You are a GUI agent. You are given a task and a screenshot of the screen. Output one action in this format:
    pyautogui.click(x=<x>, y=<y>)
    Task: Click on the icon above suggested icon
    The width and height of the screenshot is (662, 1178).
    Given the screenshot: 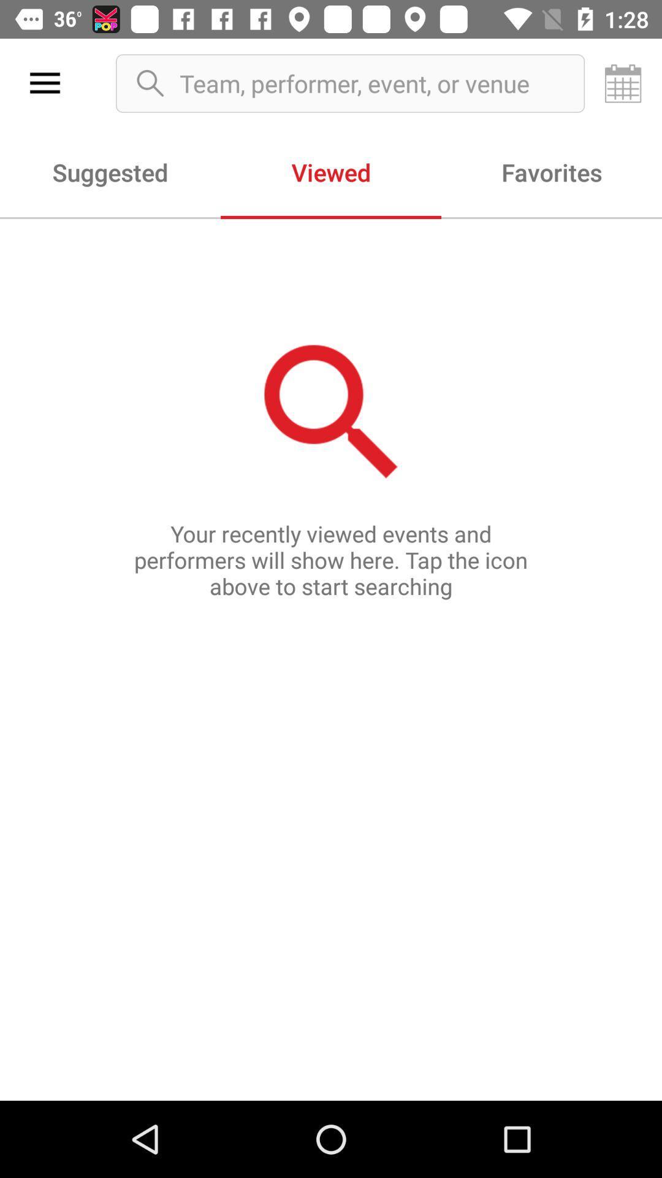 What is the action you would take?
    pyautogui.click(x=44, y=83)
    